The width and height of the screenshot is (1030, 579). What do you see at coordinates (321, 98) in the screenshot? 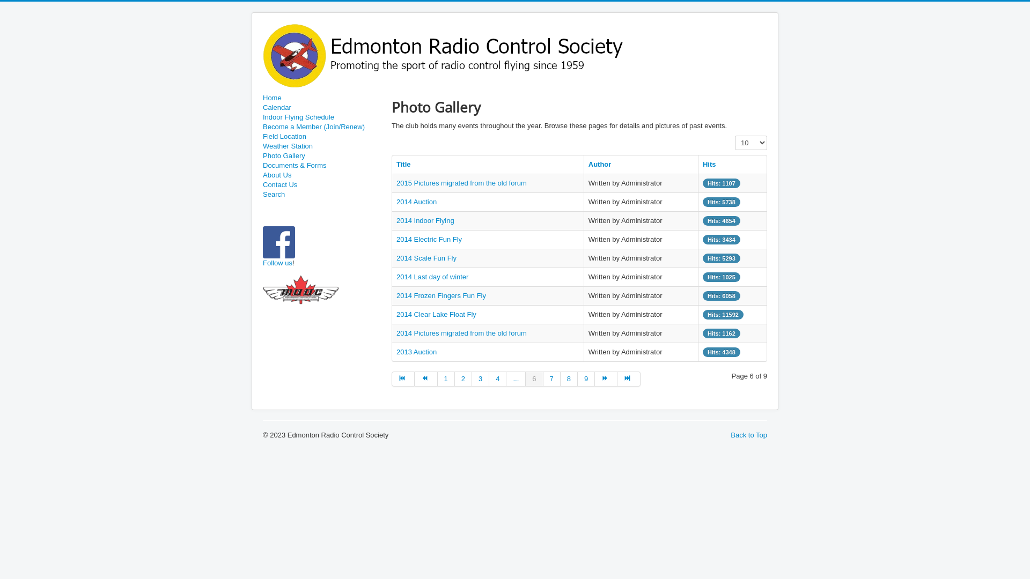
I see `'Home'` at bounding box center [321, 98].